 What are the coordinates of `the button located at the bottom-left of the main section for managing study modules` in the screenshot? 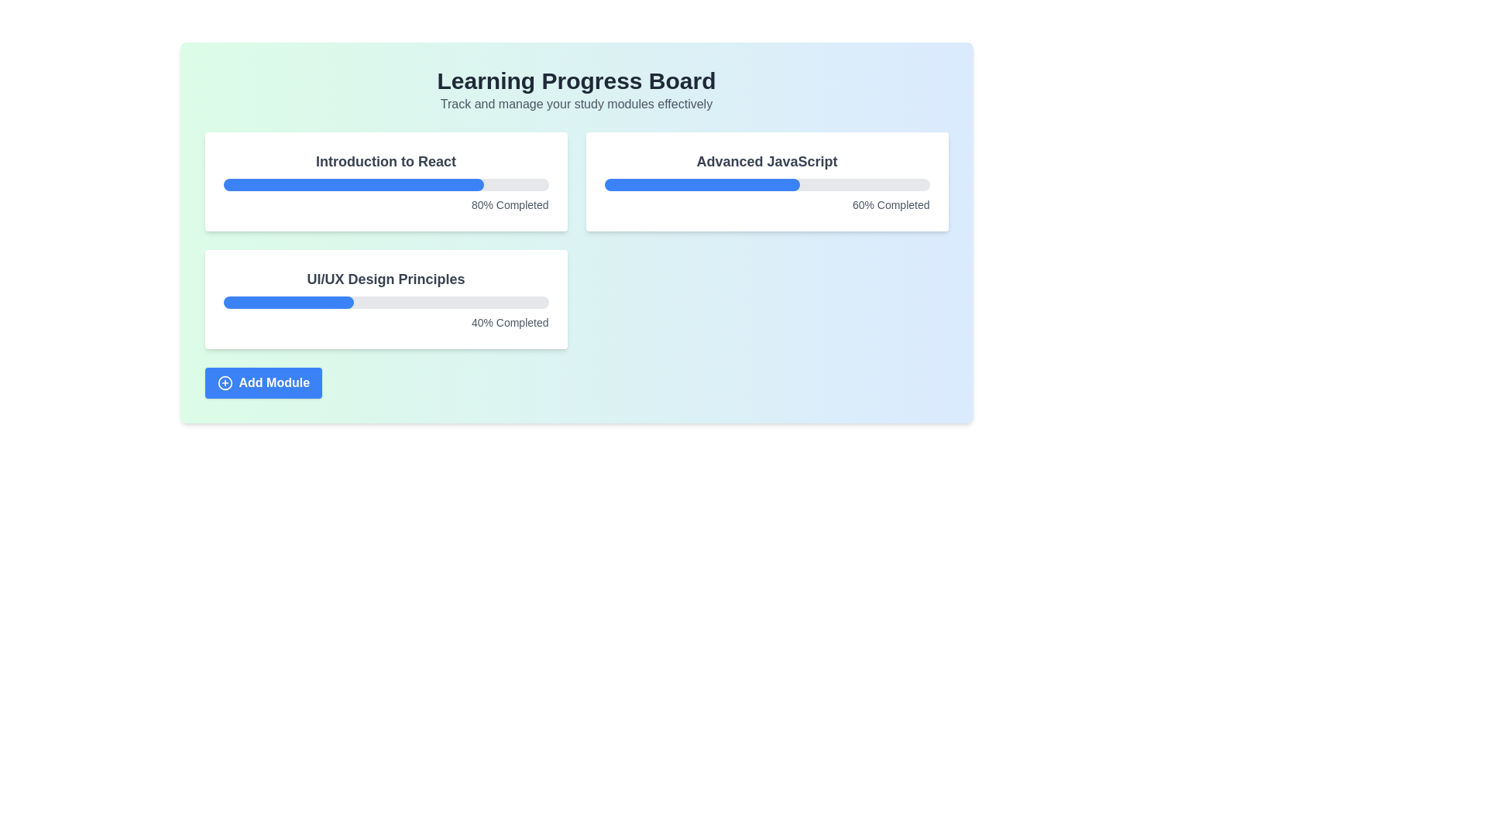 It's located at (263, 382).